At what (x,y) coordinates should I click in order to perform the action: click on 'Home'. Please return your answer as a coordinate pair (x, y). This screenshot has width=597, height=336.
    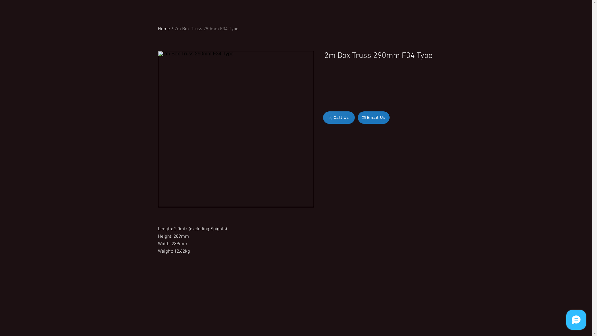
    Looking at the image, I should click on (164, 29).